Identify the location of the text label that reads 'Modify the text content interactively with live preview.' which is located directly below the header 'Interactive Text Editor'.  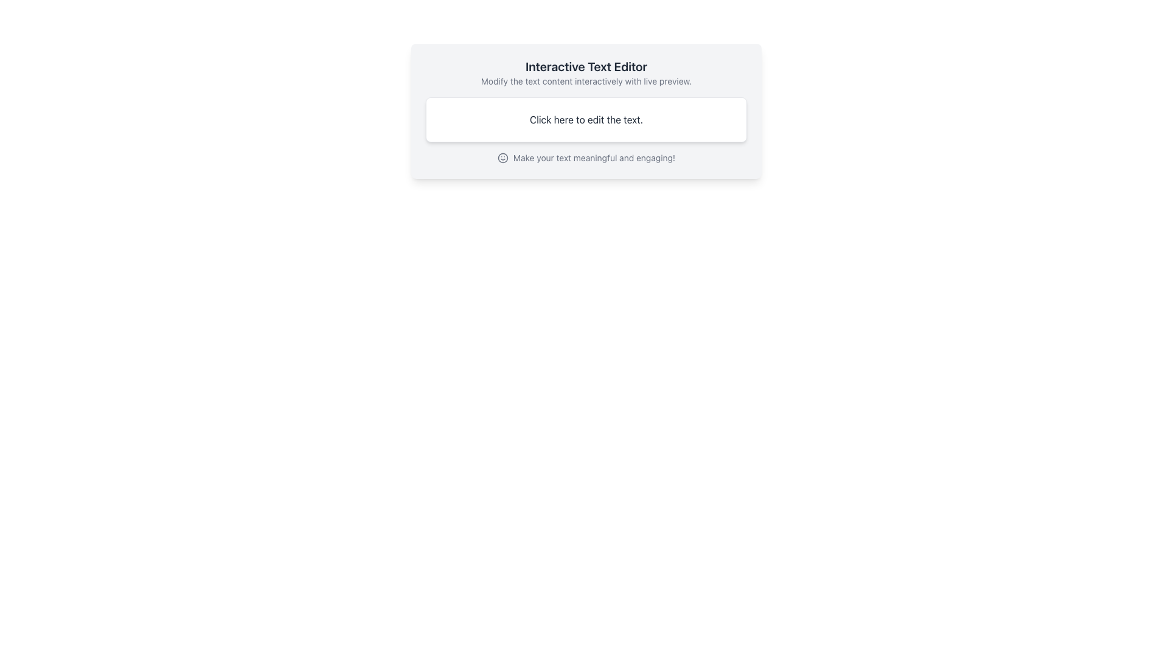
(586, 82).